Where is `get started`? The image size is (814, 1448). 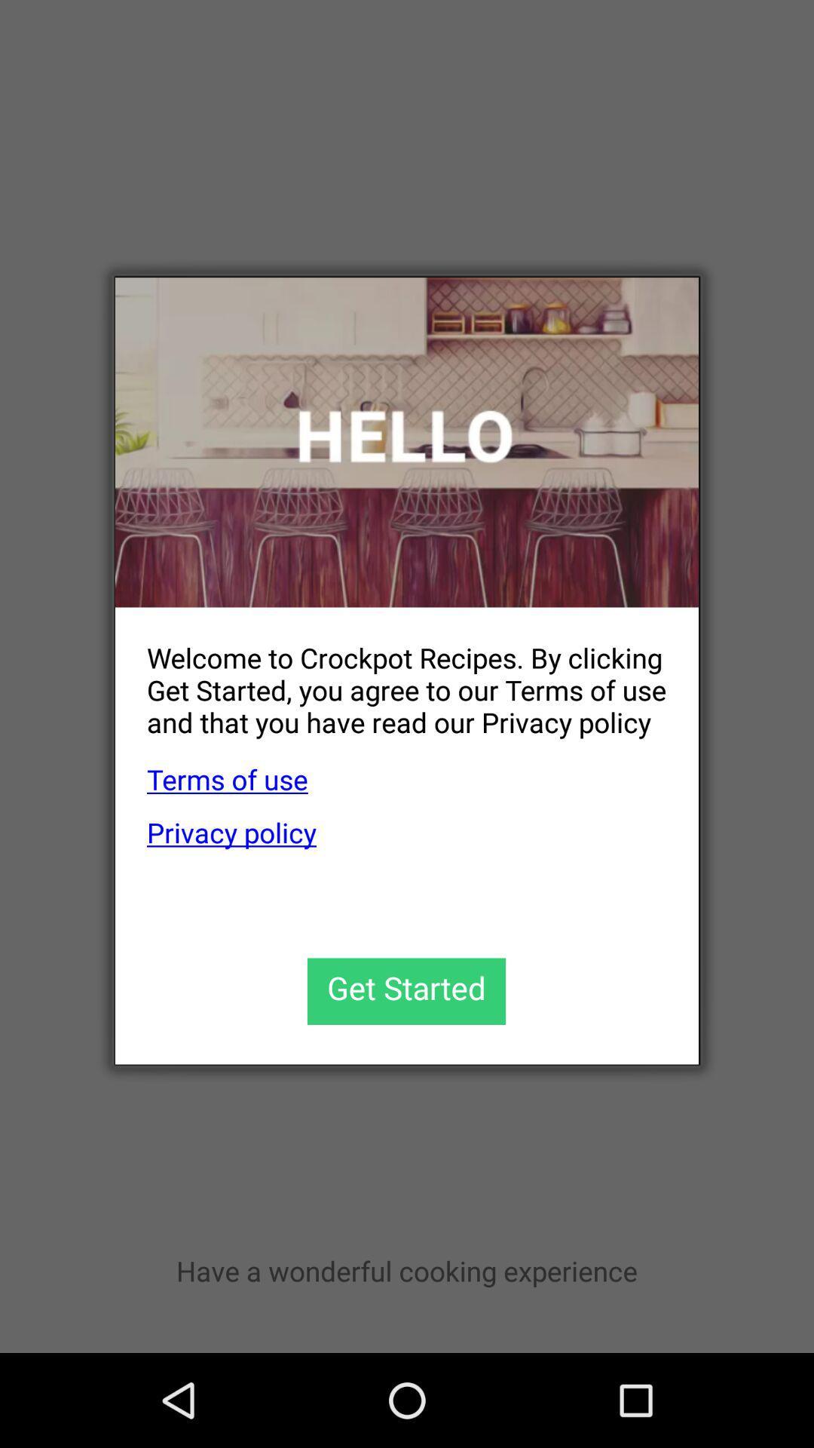 get started is located at coordinates (405, 991).